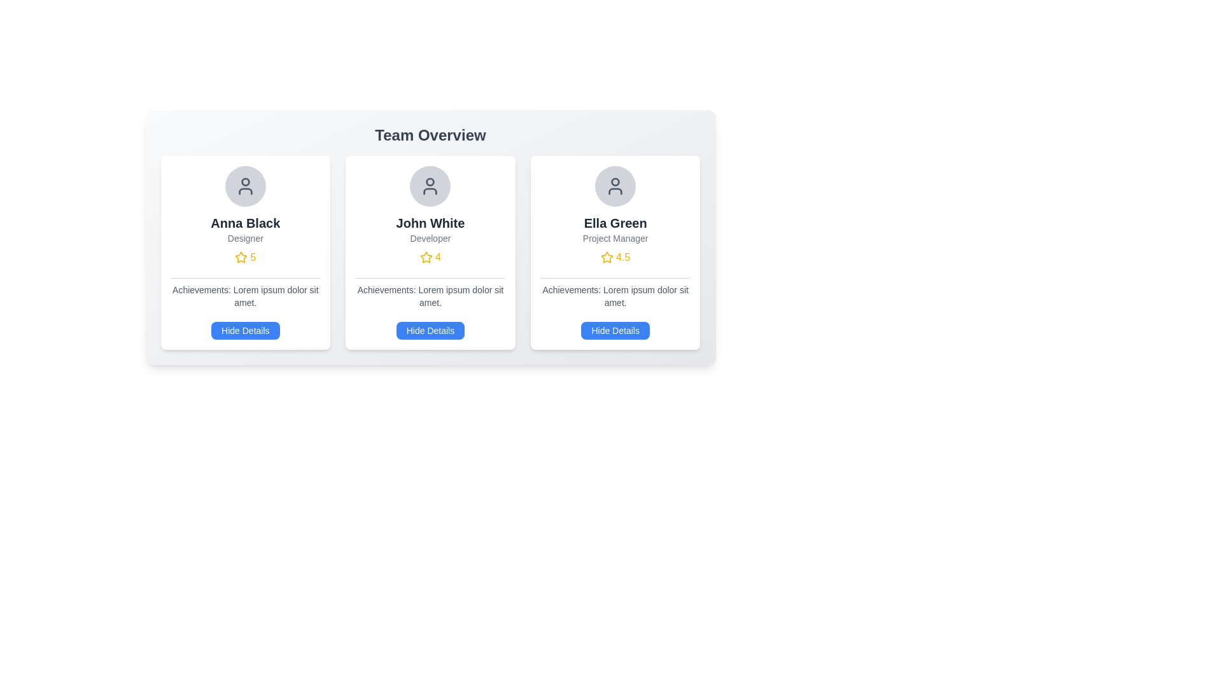 The width and height of the screenshot is (1222, 687). I want to click on the text label displaying 'Ella Green' to trigger the tooltip if enabled, so click(615, 223).